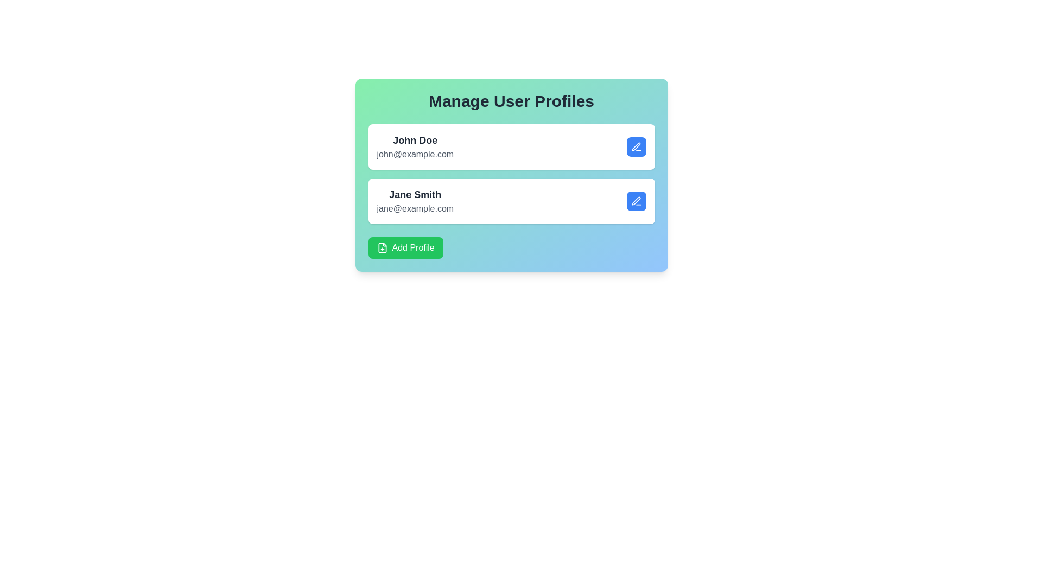 The width and height of the screenshot is (1042, 586). Describe the element at coordinates (415, 194) in the screenshot. I see `the static text displaying the name 'Jane Smith' in the user profile section located under 'Manage User Profiles.'` at that location.